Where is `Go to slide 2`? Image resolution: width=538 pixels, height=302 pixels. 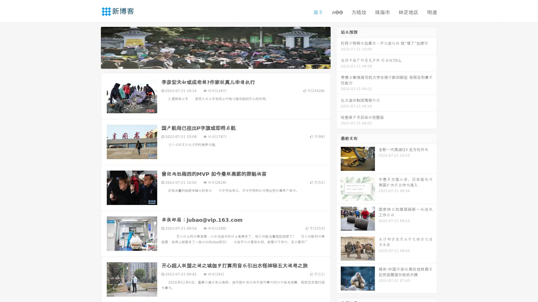 Go to slide 2 is located at coordinates (215, 63).